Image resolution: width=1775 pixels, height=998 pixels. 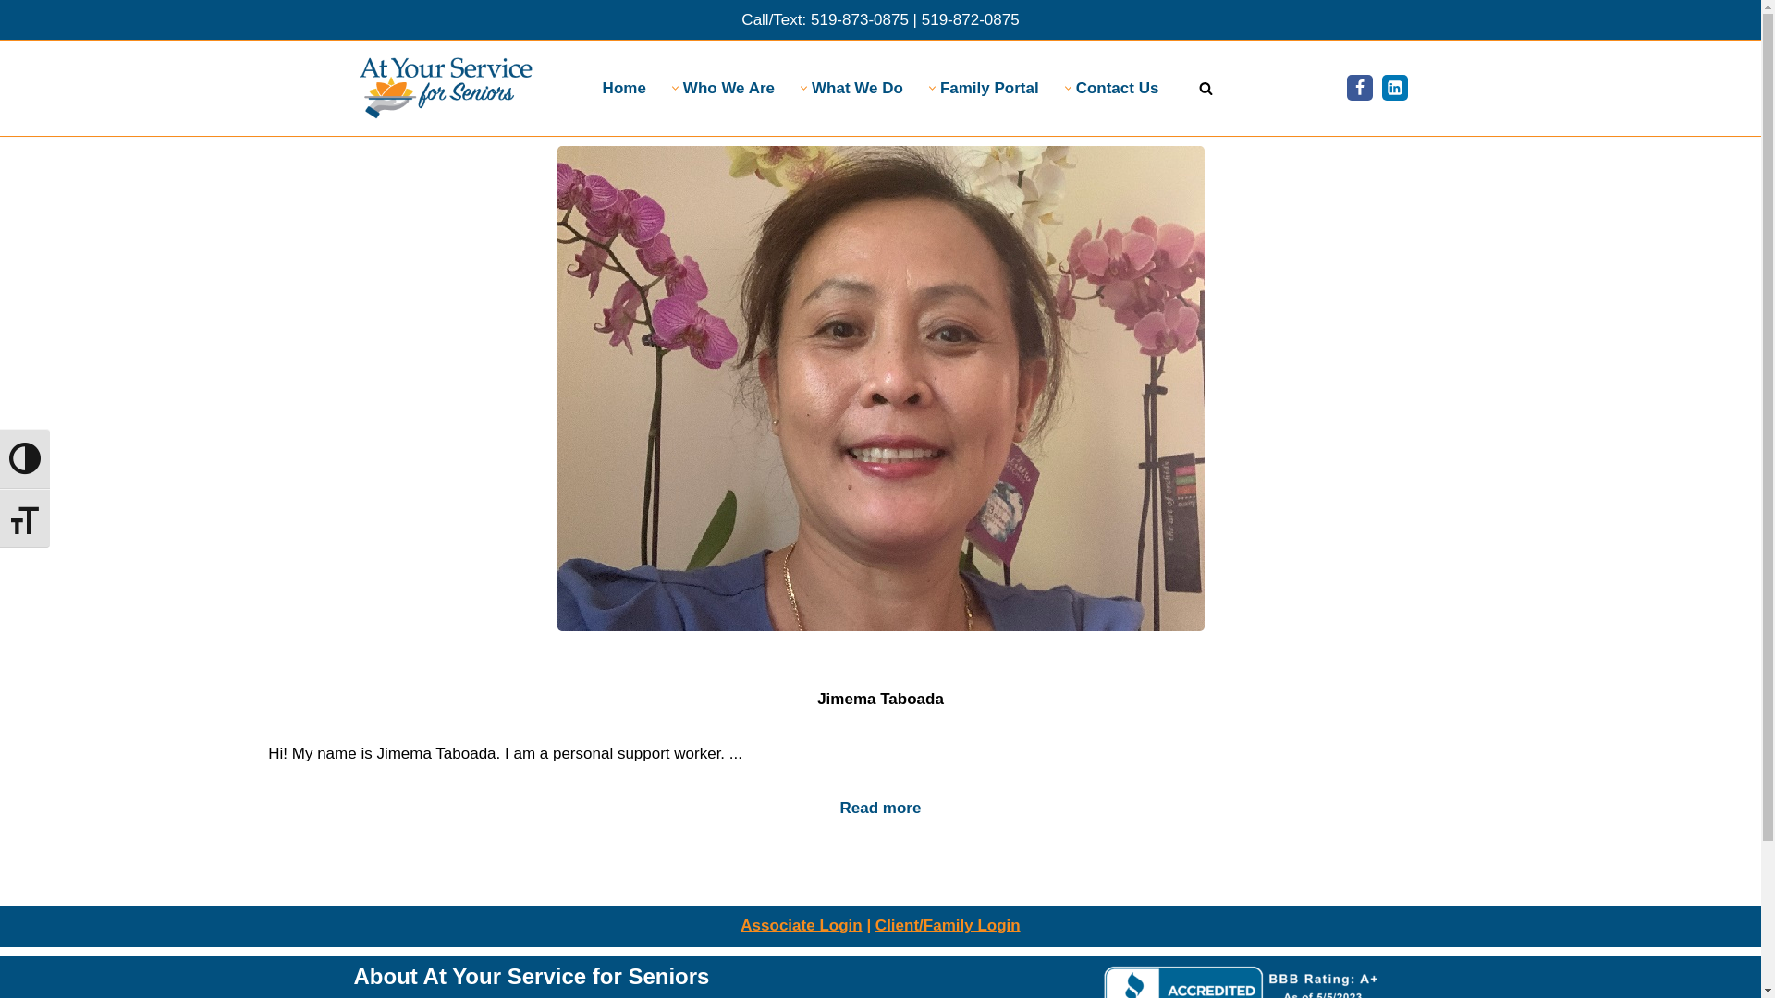 What do you see at coordinates (801, 925) in the screenshot?
I see `'Associate Login'` at bounding box center [801, 925].